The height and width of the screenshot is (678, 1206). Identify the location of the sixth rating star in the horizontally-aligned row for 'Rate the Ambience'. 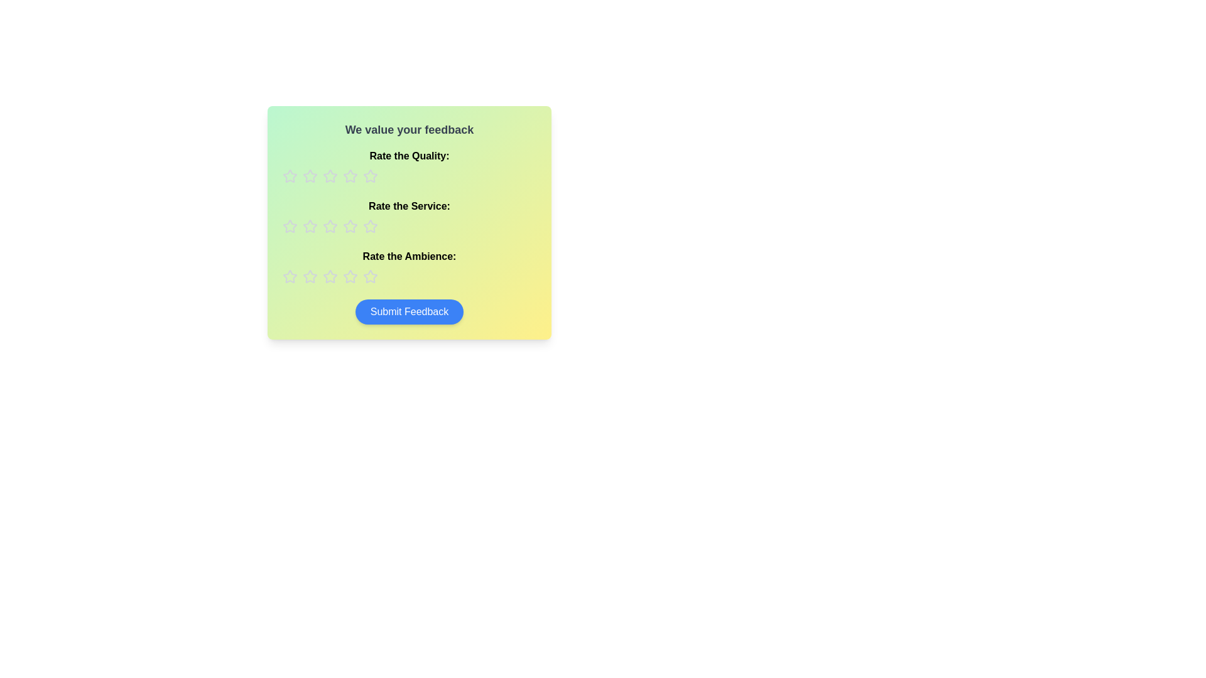
(350, 276).